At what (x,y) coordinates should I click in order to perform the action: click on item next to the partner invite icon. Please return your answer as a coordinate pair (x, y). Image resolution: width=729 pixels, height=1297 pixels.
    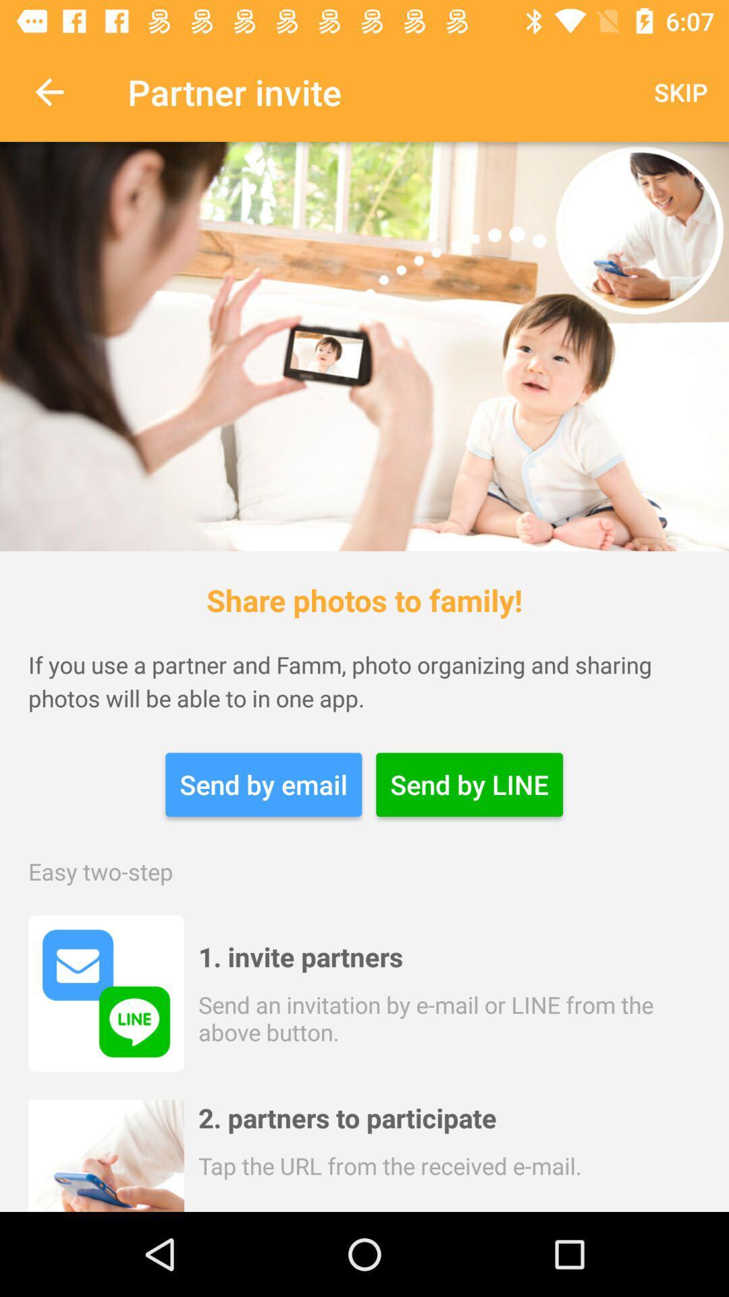
    Looking at the image, I should click on (49, 91).